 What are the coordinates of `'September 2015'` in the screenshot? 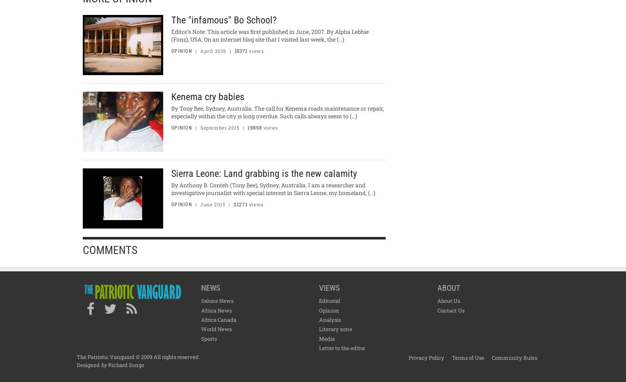 It's located at (219, 127).